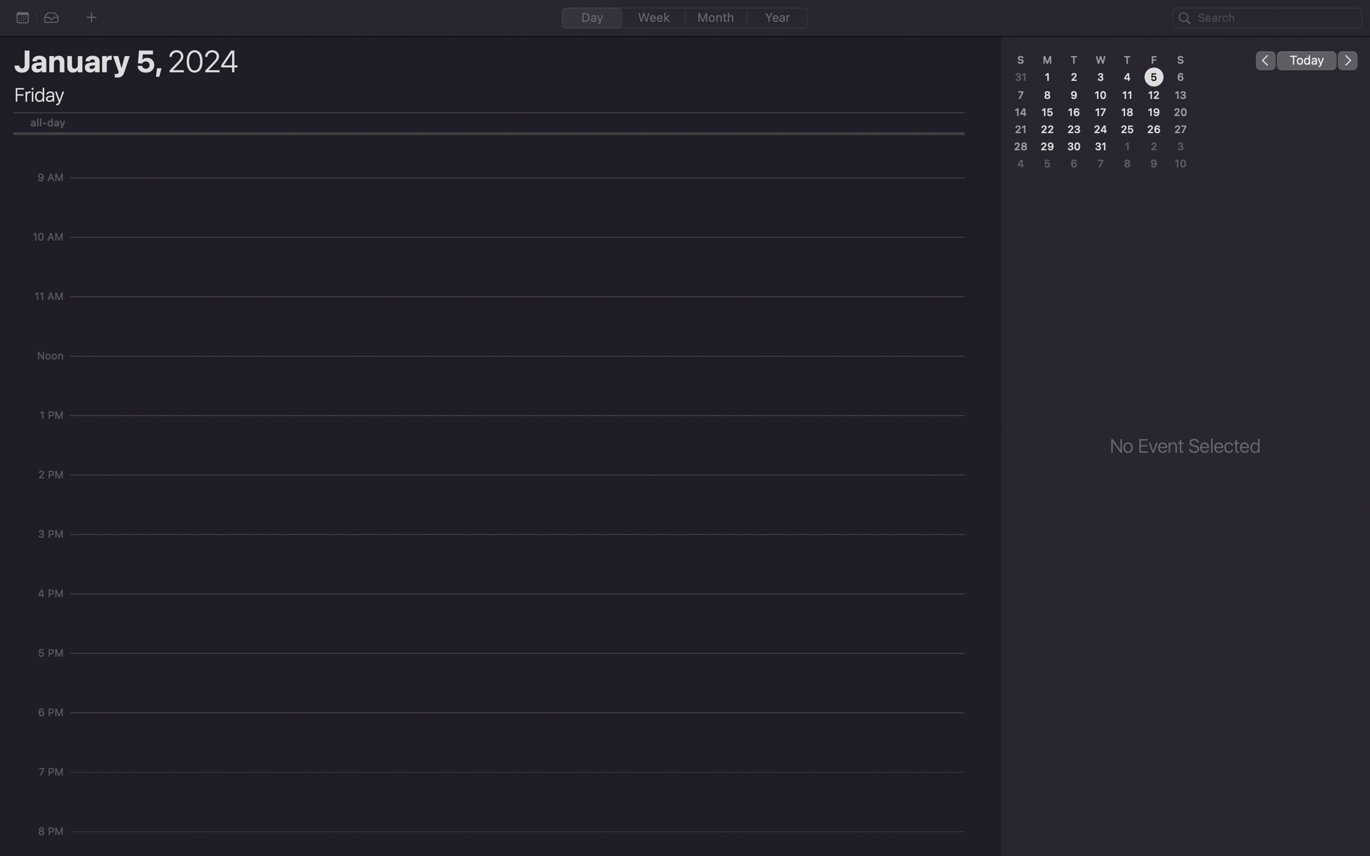 This screenshot has height=856, width=1370. What do you see at coordinates (1264, 59) in the screenshot?
I see `Switch to the previous day view in the calendar` at bounding box center [1264, 59].